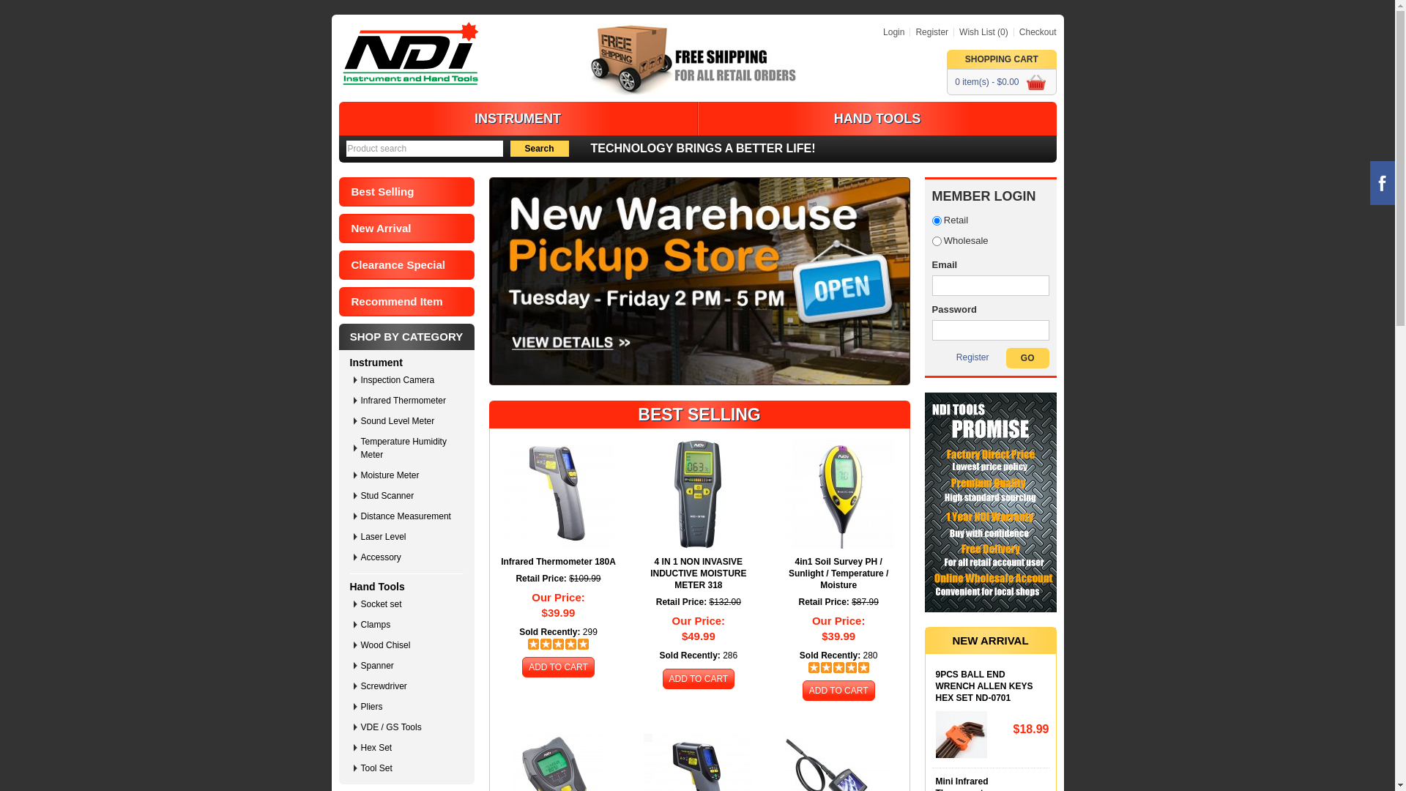  What do you see at coordinates (409, 495) in the screenshot?
I see `'Stud Scanner'` at bounding box center [409, 495].